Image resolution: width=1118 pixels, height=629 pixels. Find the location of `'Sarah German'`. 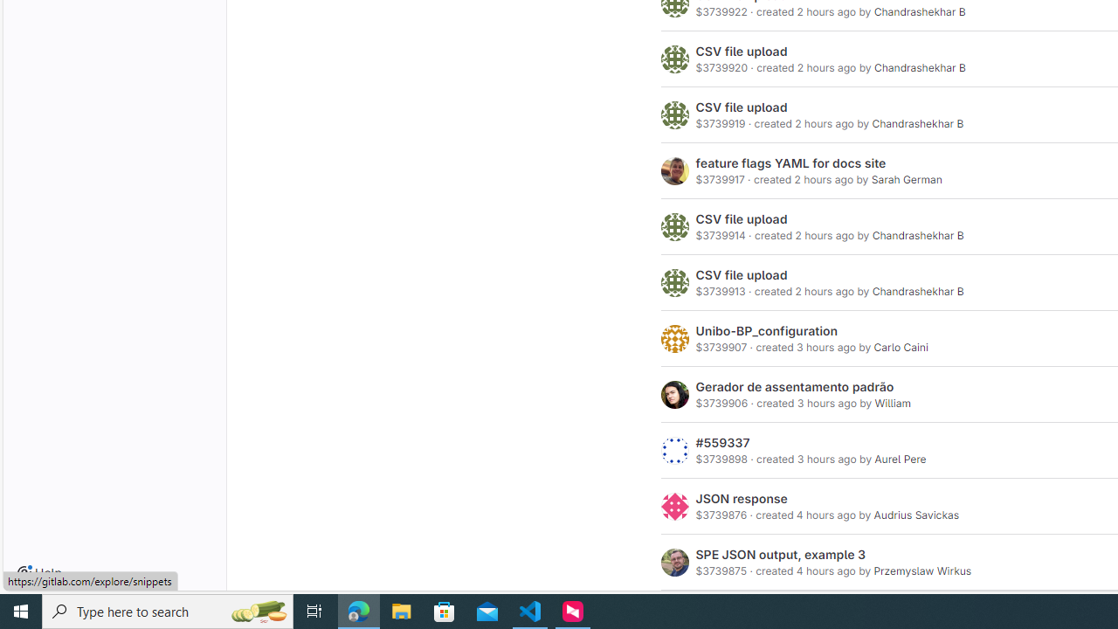

'Sarah German' is located at coordinates (907, 179).